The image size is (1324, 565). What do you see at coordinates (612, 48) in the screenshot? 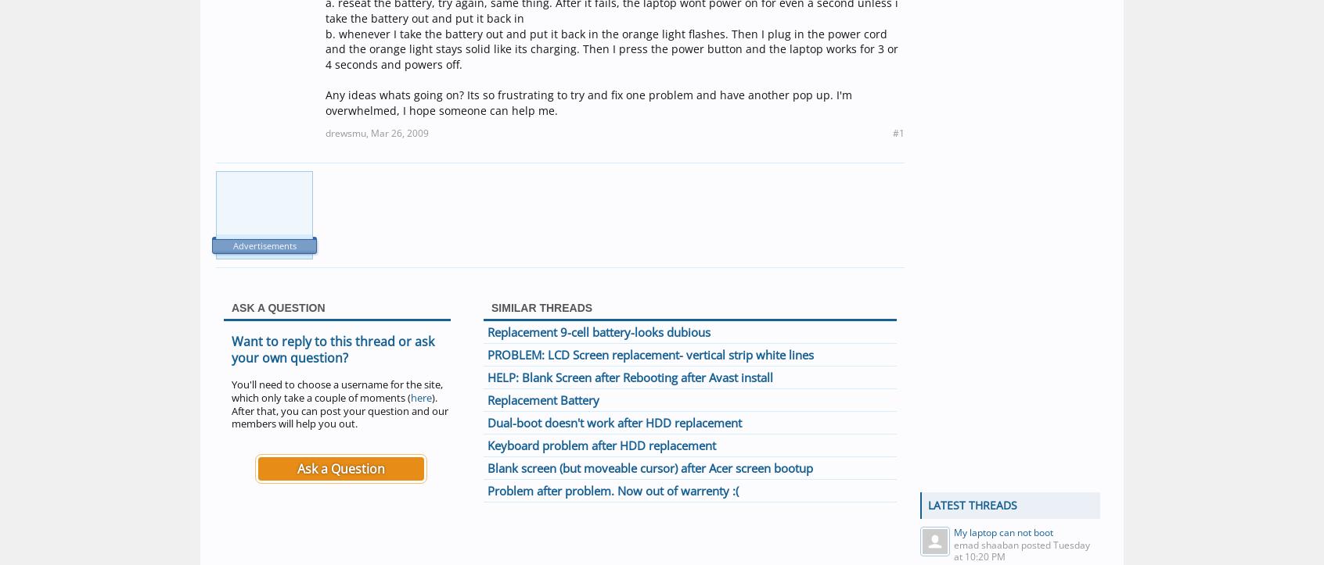
I see `'b. whenever I take the battery out and put it back in the orange light flashes. Then I plug in the power cord and the orange light stays solid like its charging. Then I press the power button and the laptop works for 3 or 4 seconds and powers off.'` at bounding box center [612, 48].